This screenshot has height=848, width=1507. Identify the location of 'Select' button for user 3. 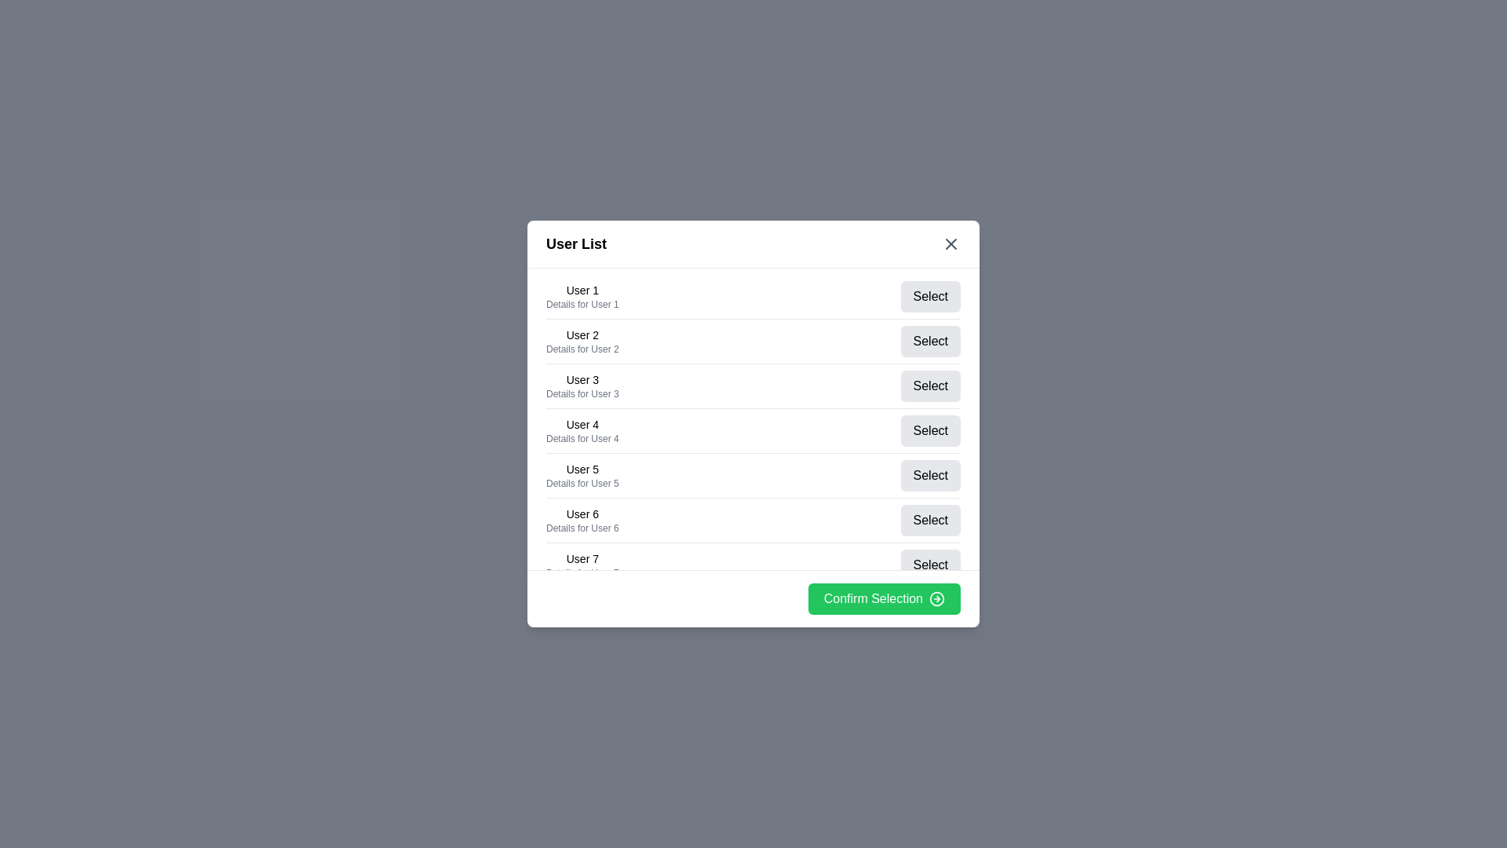
(930, 386).